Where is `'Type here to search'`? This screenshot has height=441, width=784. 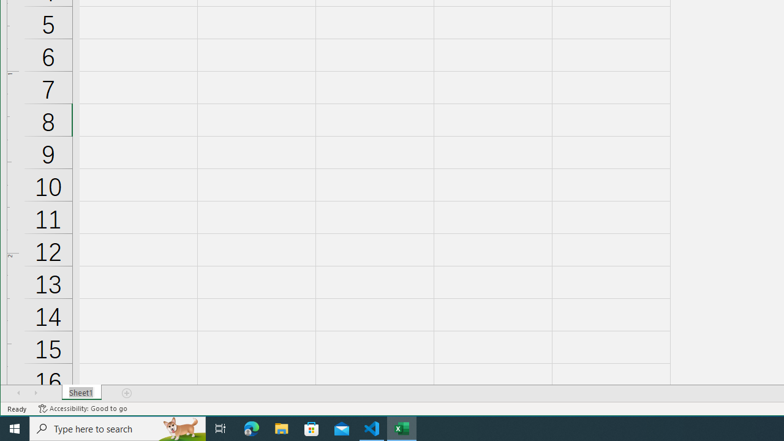
'Type here to search' is located at coordinates (118, 428).